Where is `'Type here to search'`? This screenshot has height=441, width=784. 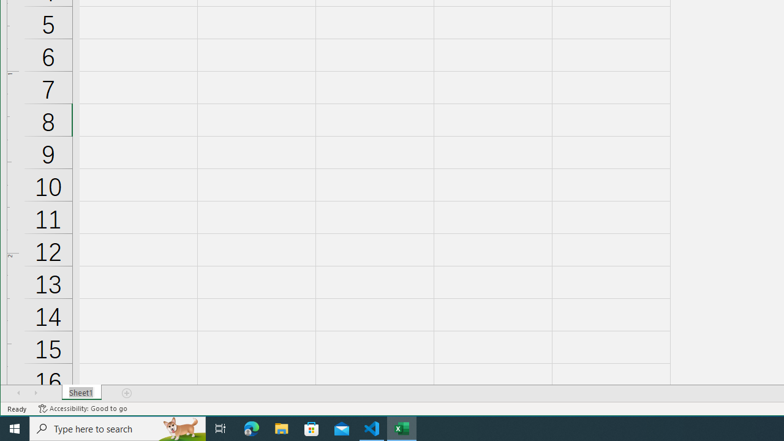
'Type here to search' is located at coordinates (118, 428).